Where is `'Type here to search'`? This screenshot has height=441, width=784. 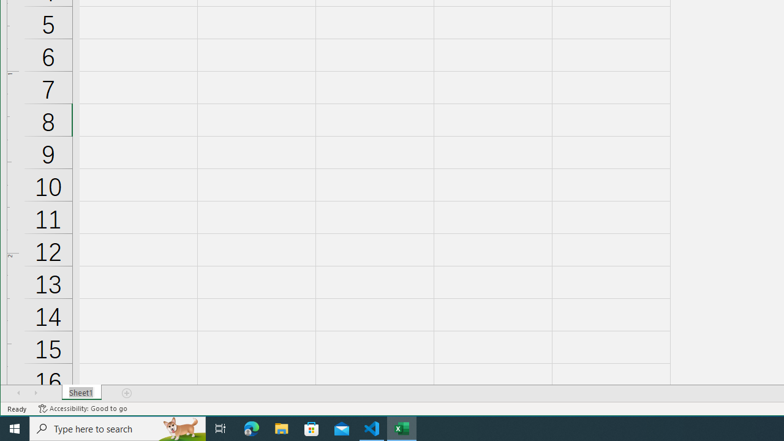
'Type here to search' is located at coordinates (118, 428).